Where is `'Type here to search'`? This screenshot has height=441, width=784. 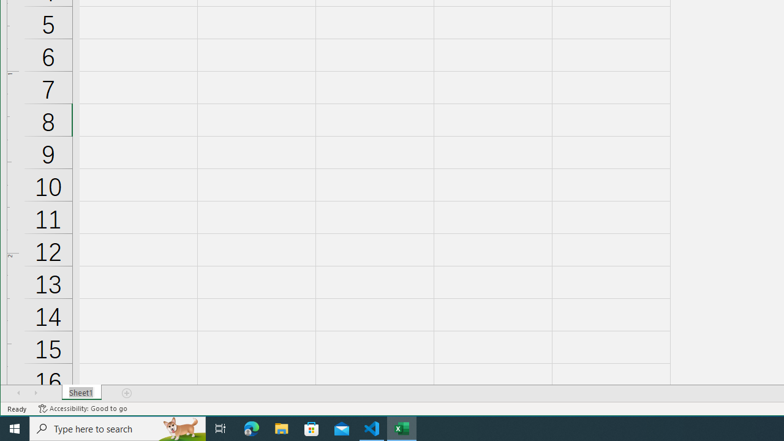
'Type here to search' is located at coordinates (118, 428).